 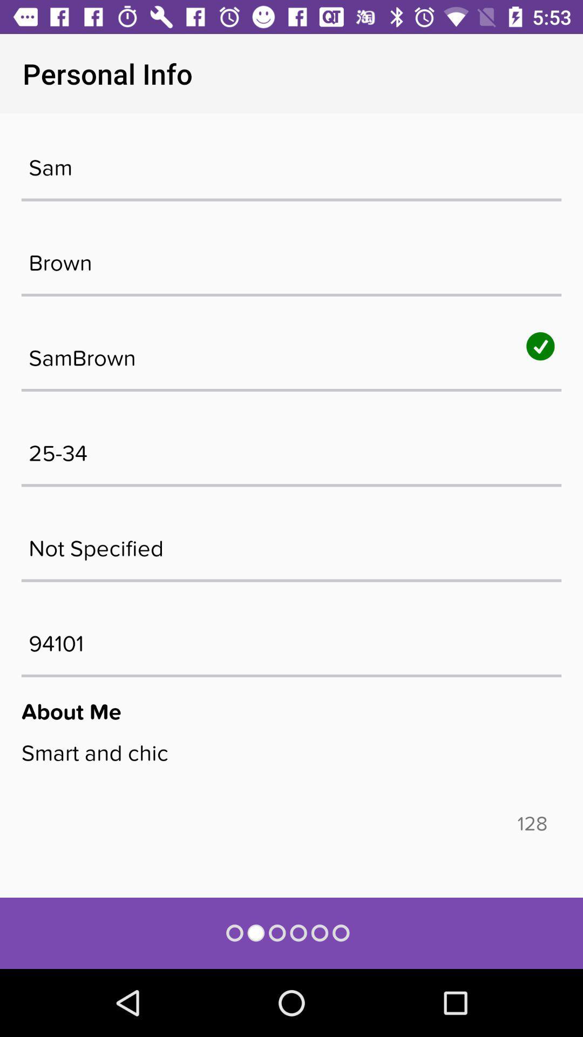 What do you see at coordinates (291, 775) in the screenshot?
I see `the smart and chic` at bounding box center [291, 775].